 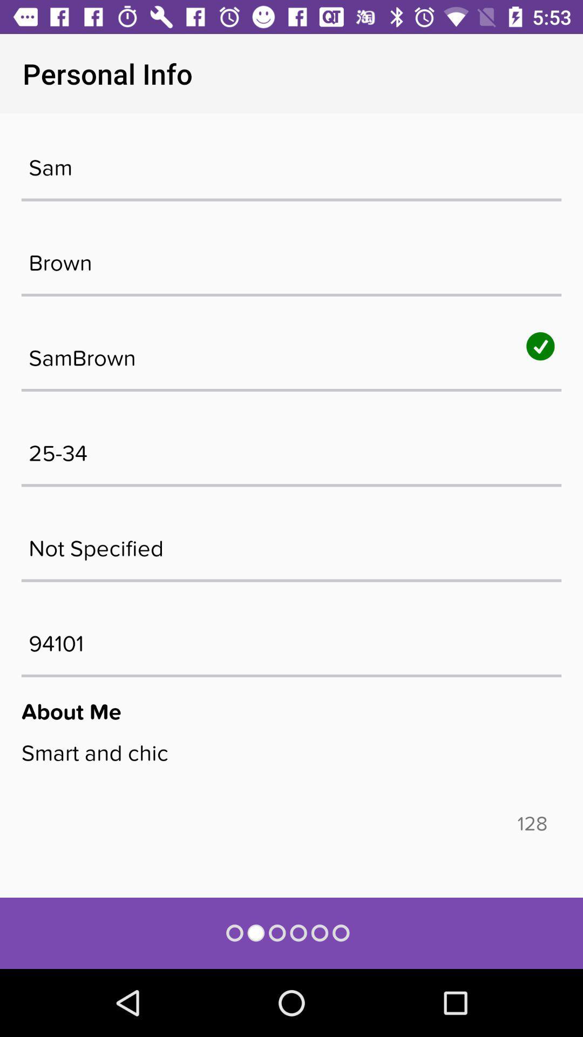 What do you see at coordinates (291, 775) in the screenshot?
I see `the smart and chic` at bounding box center [291, 775].